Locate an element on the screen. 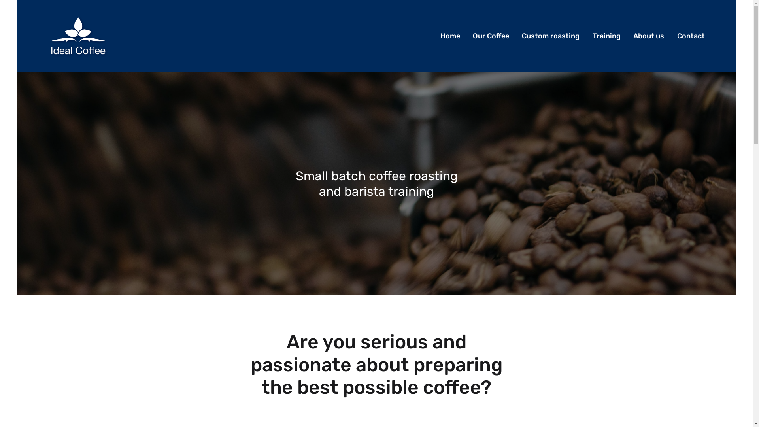 The width and height of the screenshot is (759, 427). 'Training' is located at coordinates (606, 36).